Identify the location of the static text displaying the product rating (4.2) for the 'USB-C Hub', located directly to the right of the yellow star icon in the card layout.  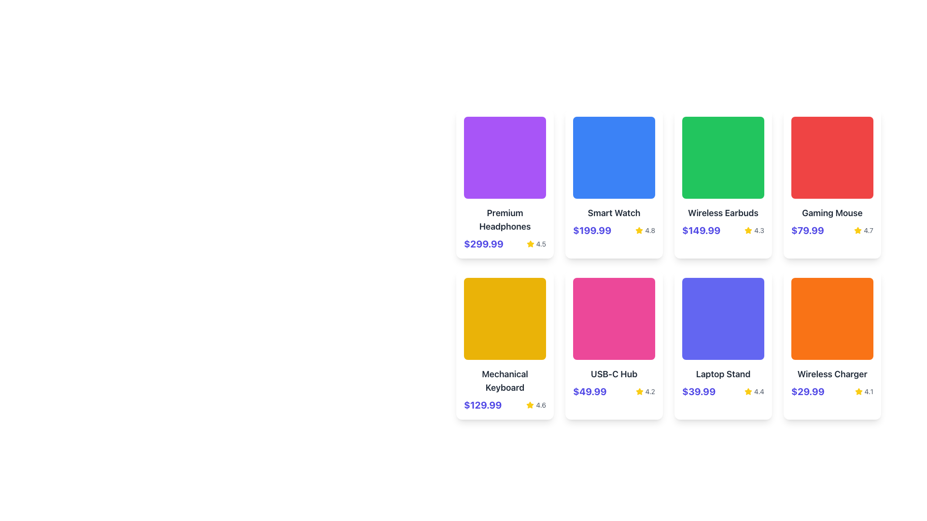
(650, 392).